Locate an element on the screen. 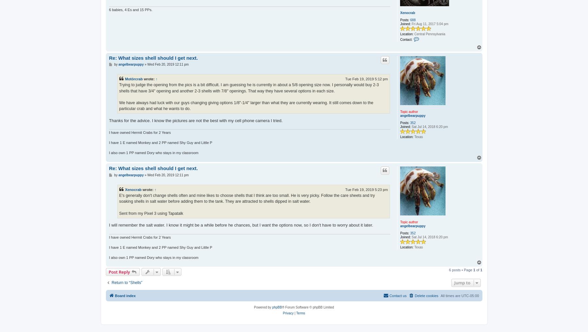 This screenshot has height=332, width=588. 'Tue Feb 19, 2019 5:12 pm' is located at coordinates (366, 79).